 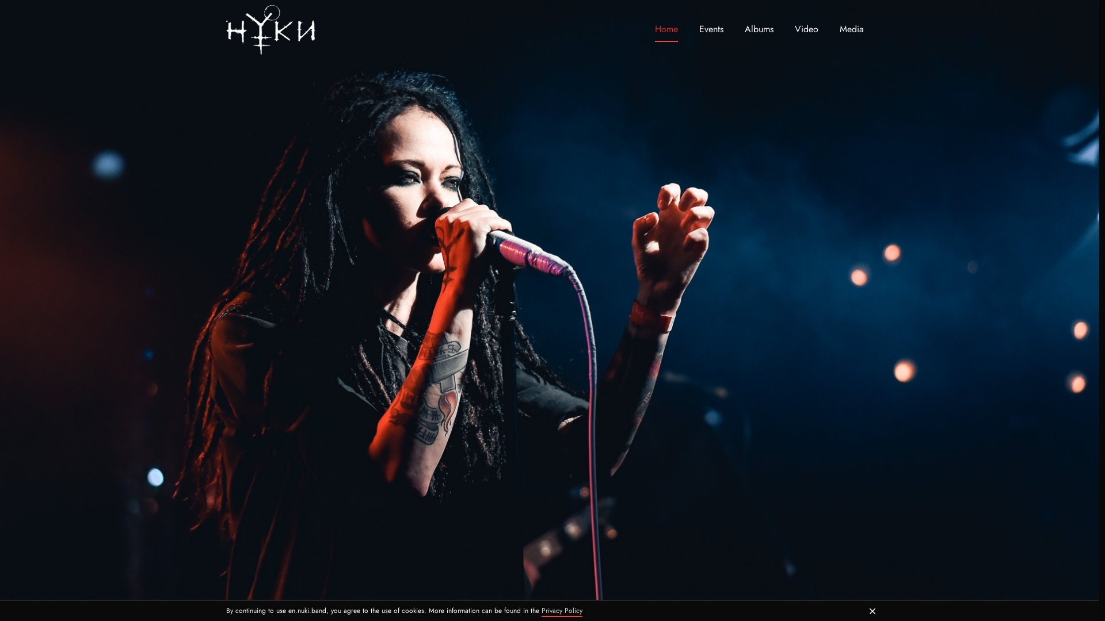 What do you see at coordinates (806, 29) in the screenshot?
I see `'Video'` at bounding box center [806, 29].